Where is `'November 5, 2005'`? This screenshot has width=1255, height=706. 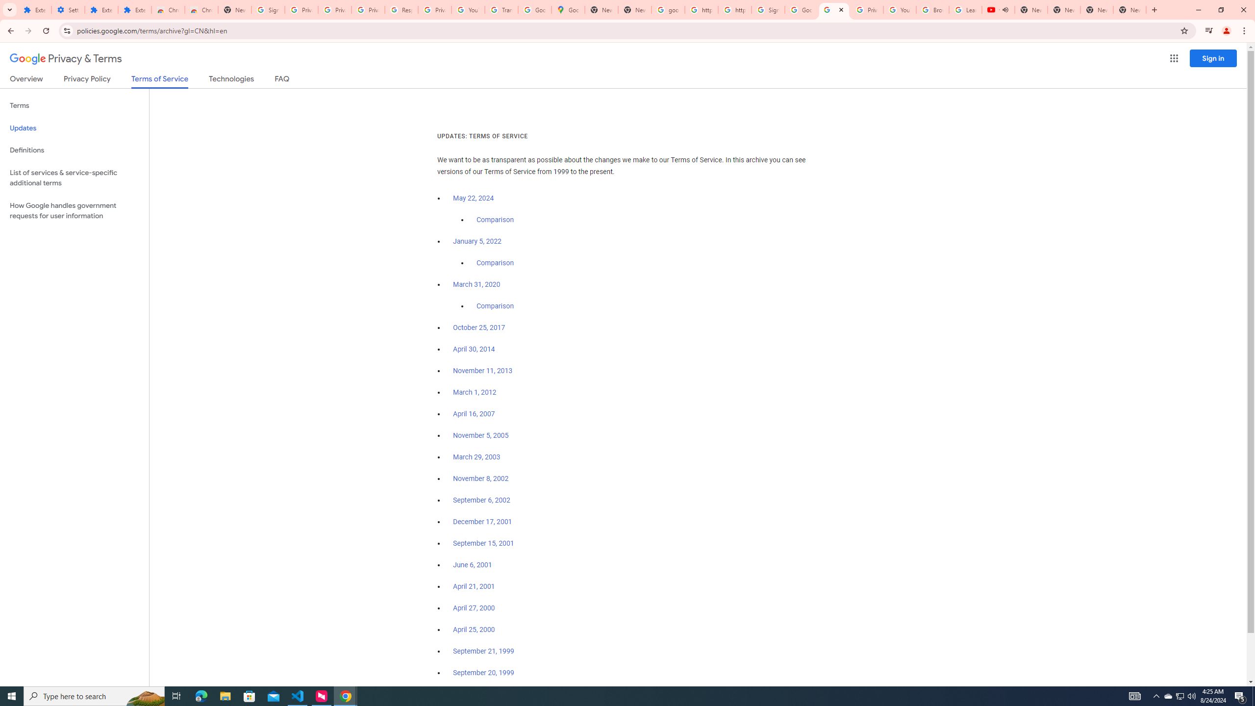 'November 5, 2005' is located at coordinates (480, 435).